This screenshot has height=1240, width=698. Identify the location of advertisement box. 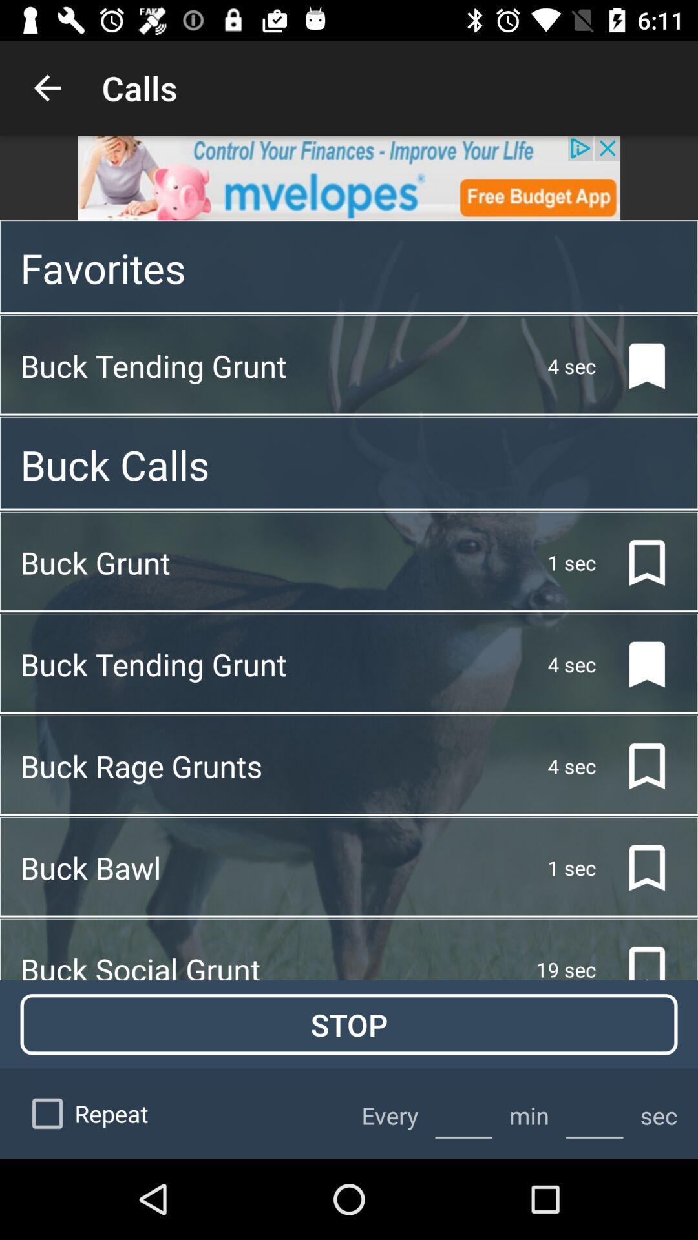
(349, 177).